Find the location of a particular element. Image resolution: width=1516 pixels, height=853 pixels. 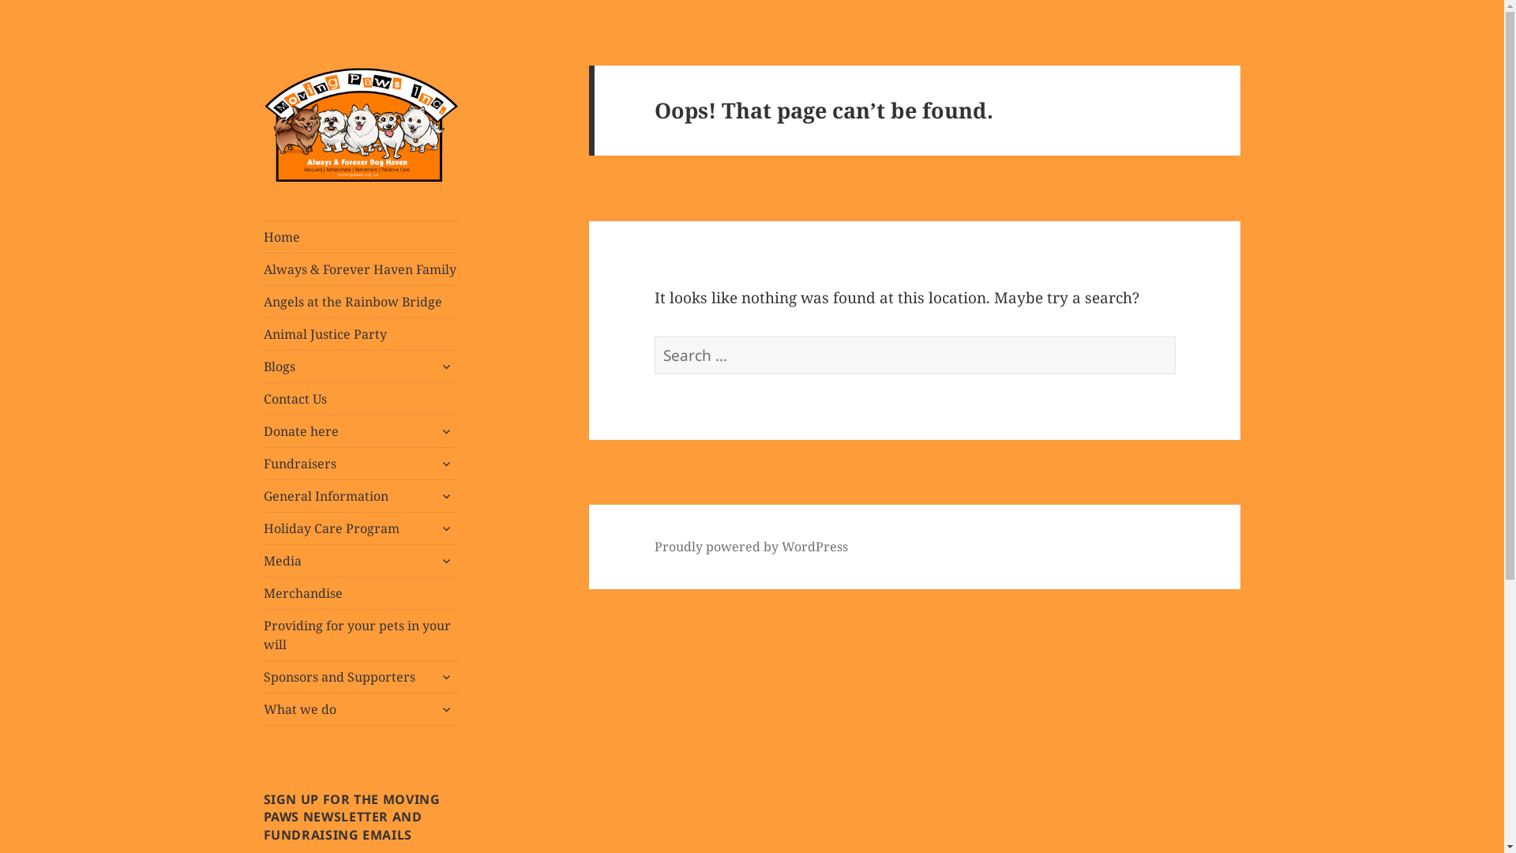

'Home' is located at coordinates (360, 237).